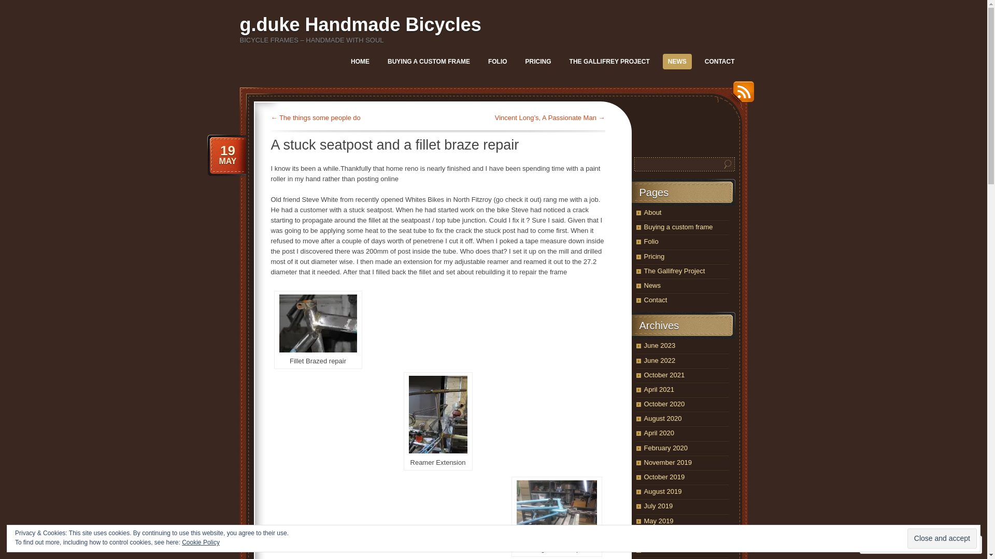 This screenshot has width=995, height=559. What do you see at coordinates (665, 447) in the screenshot?
I see `'February 2020'` at bounding box center [665, 447].